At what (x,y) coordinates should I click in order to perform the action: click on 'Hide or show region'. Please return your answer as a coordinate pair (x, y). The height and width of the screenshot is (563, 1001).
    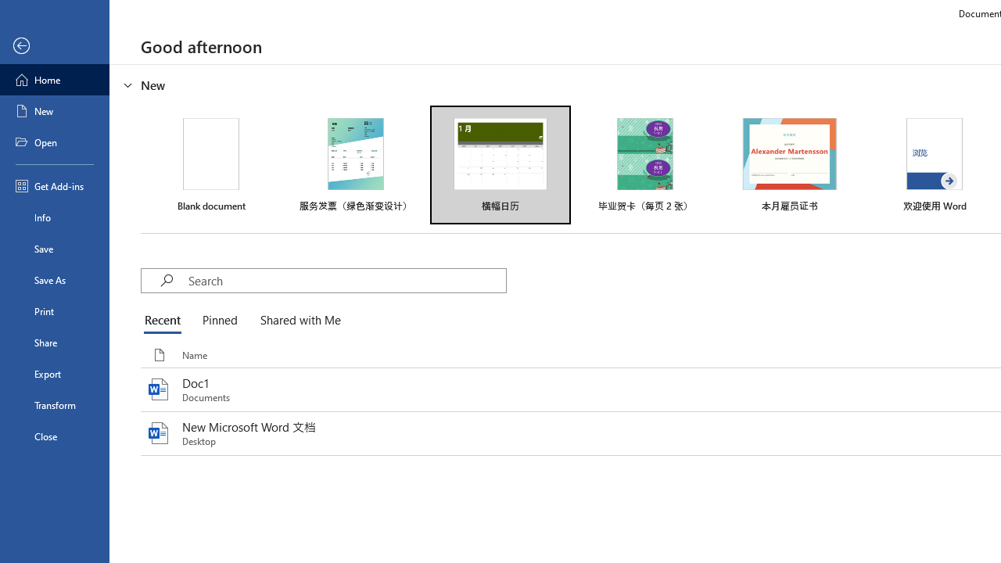
    Looking at the image, I should click on (128, 85).